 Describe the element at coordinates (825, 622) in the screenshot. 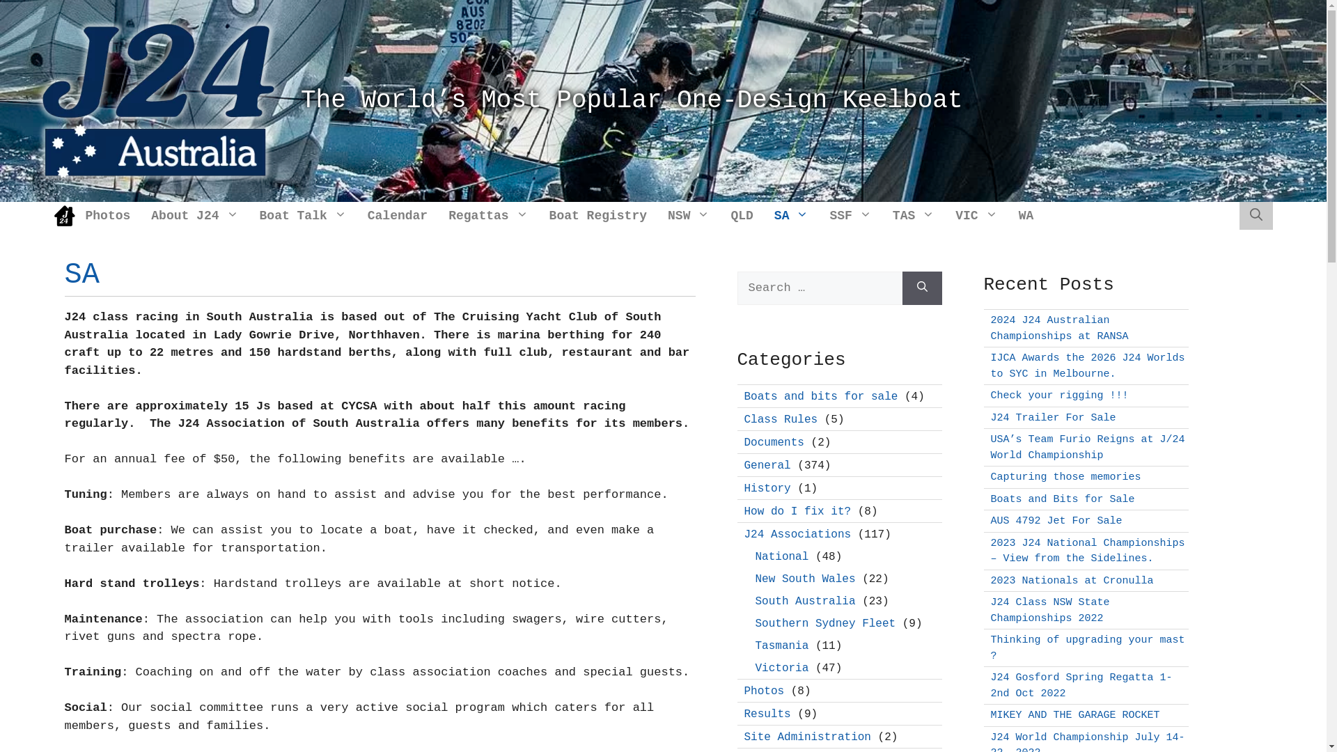

I see `'Southern Sydney Fleet'` at that location.